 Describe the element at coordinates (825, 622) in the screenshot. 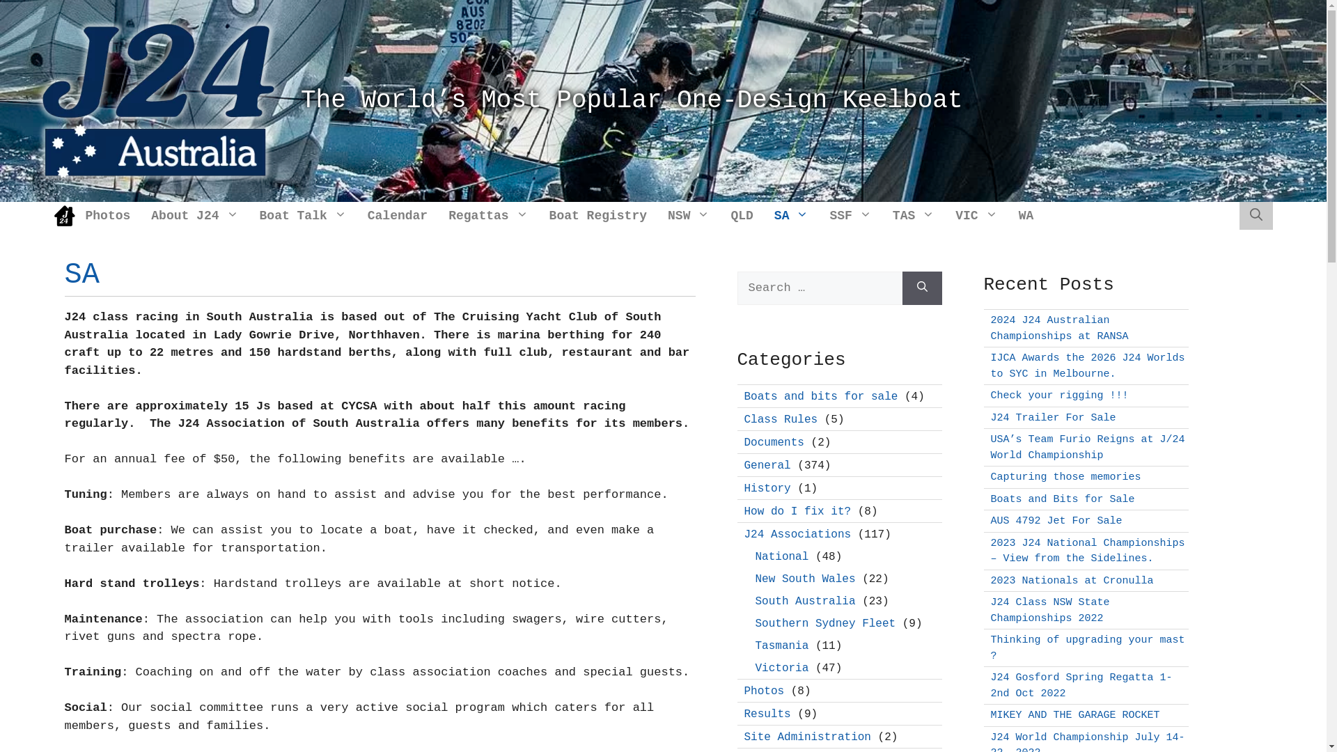

I see `'Southern Sydney Fleet'` at that location.